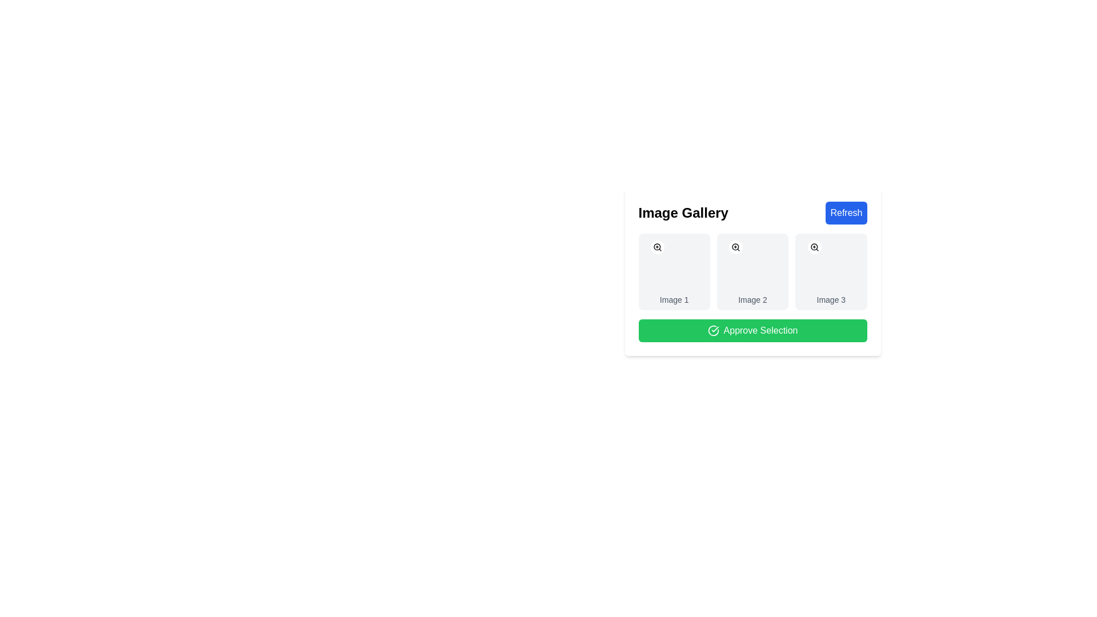 The image size is (1097, 617). Describe the element at coordinates (677, 273) in the screenshot. I see `the decorative graphical component within the second image slot of the Image Gallery interface` at that location.